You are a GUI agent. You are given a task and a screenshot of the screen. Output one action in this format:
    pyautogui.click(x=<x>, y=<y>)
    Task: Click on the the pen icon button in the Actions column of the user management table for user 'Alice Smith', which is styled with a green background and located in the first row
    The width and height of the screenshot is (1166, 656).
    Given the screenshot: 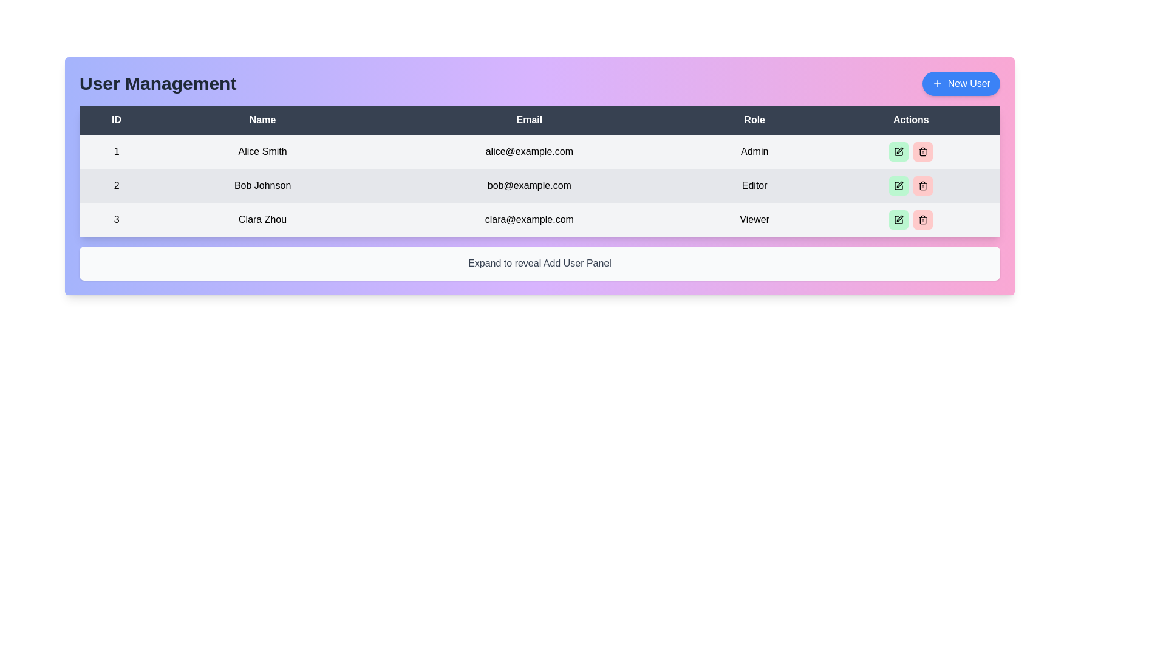 What is the action you would take?
    pyautogui.click(x=899, y=151)
    